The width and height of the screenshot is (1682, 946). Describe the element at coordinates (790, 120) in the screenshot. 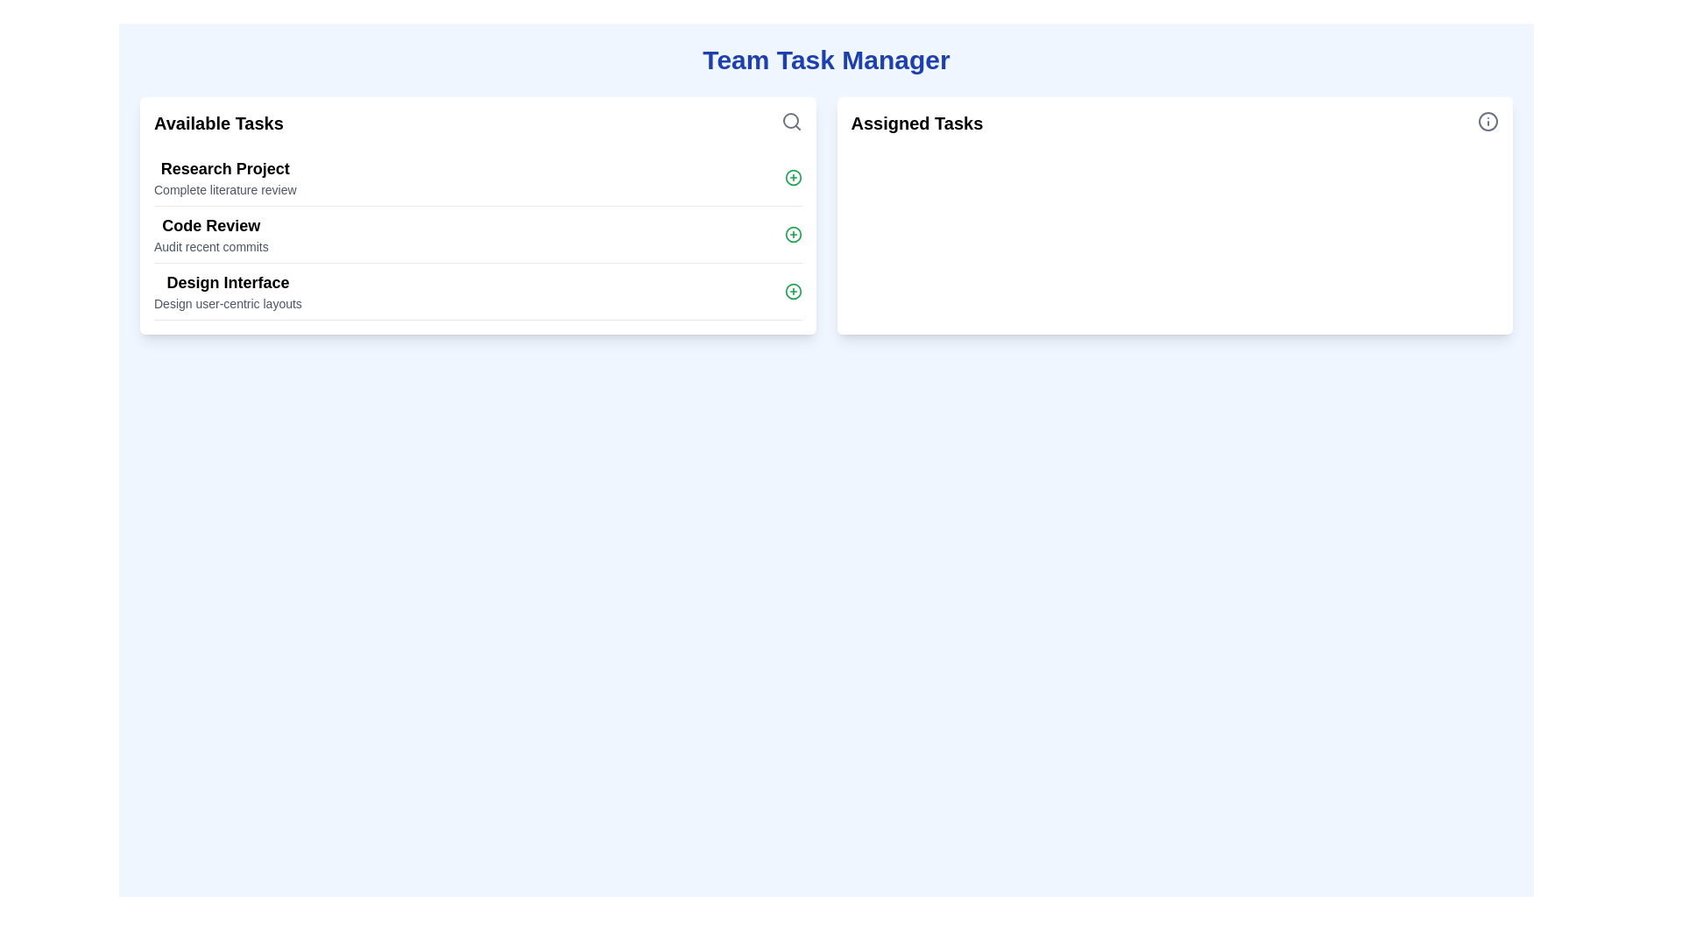

I see `the magnifying glass icon located in the top right corner of the 'Available Tasks' section` at that location.